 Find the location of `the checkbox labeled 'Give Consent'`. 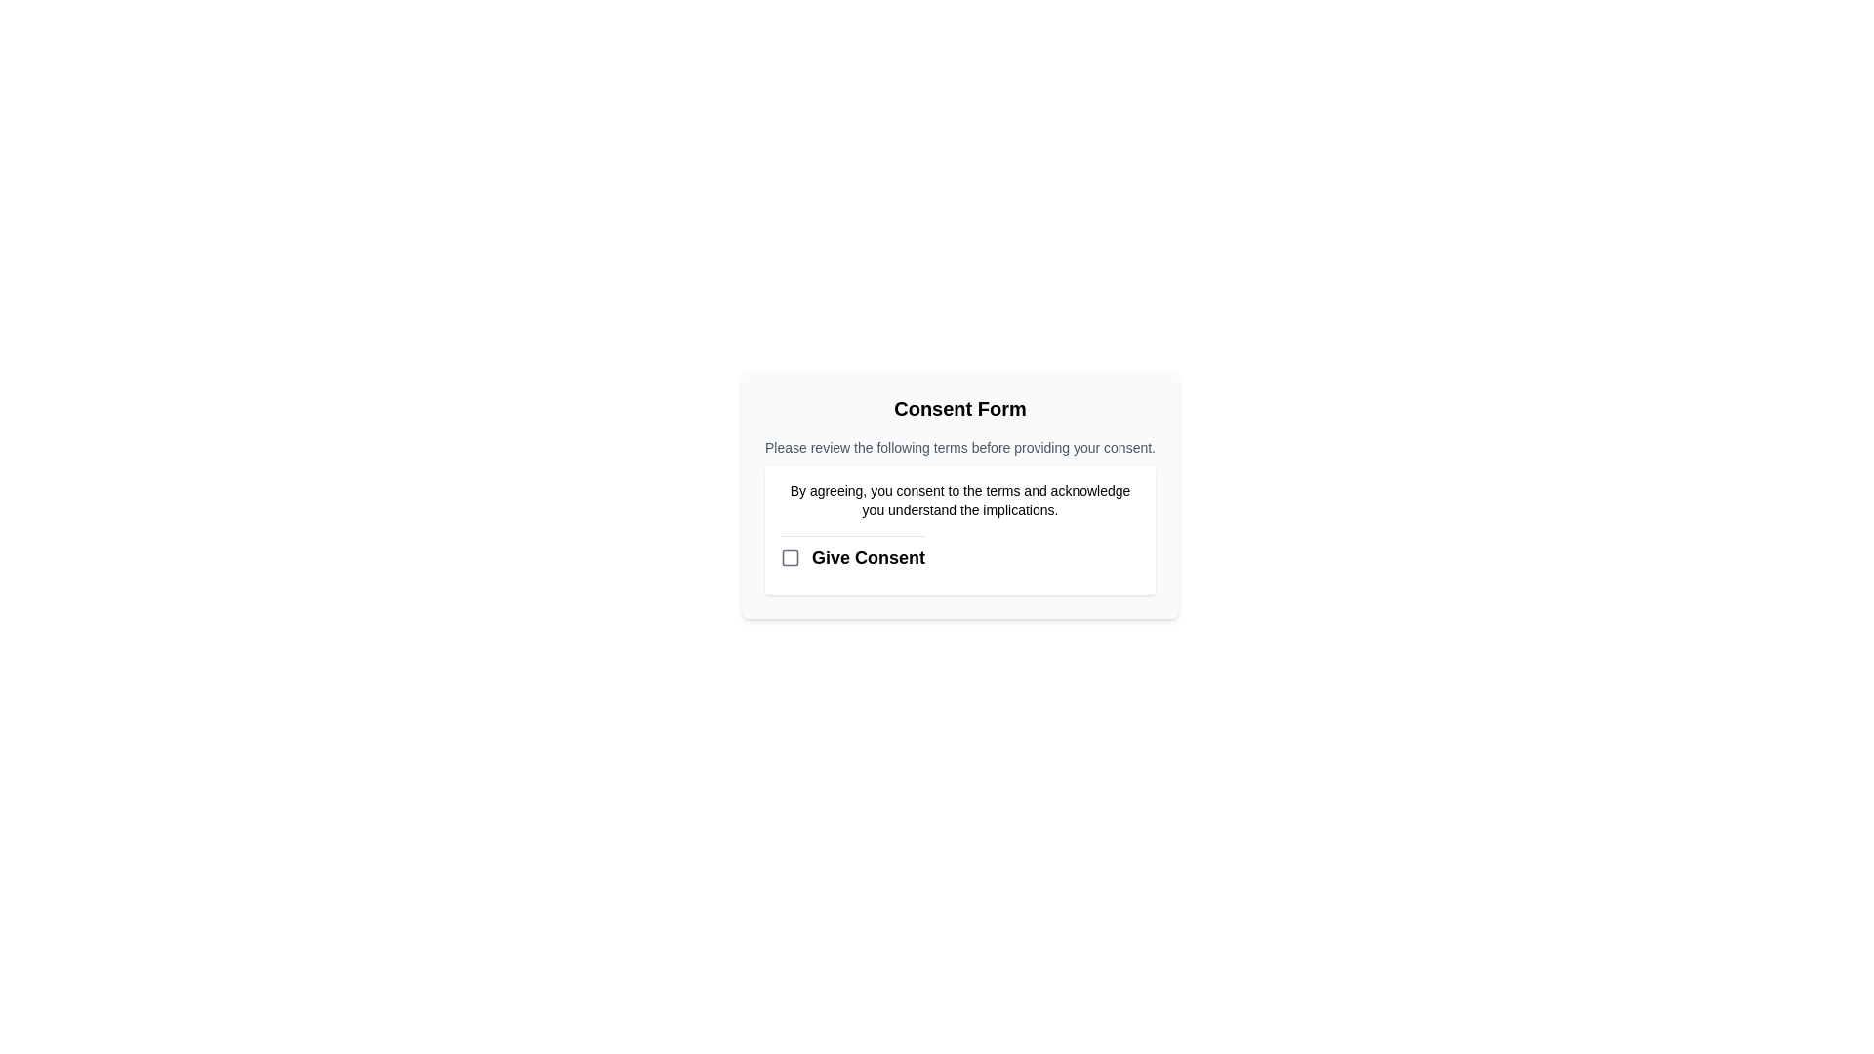

the checkbox labeled 'Give Consent' is located at coordinates (852, 557).